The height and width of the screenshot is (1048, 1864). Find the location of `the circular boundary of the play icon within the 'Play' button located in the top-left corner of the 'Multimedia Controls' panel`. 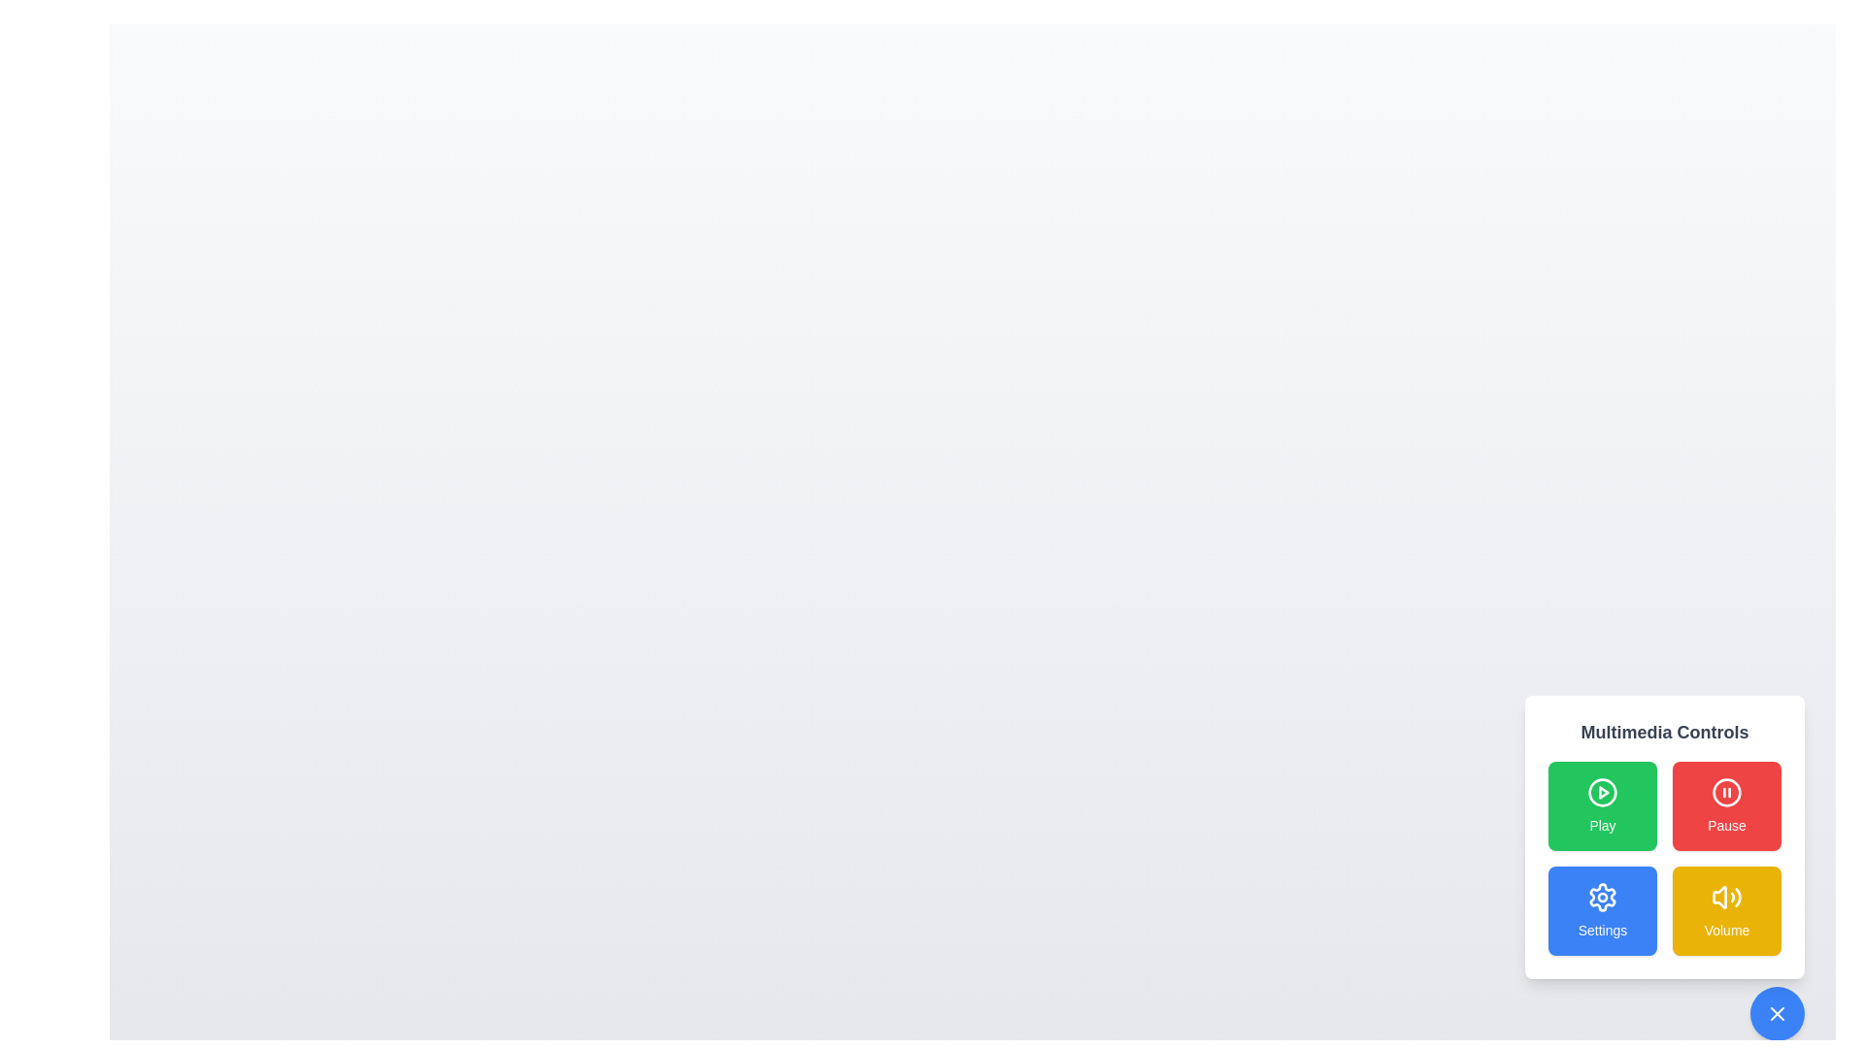

the circular boundary of the play icon within the 'Play' button located in the top-left corner of the 'Multimedia Controls' panel is located at coordinates (1603, 793).